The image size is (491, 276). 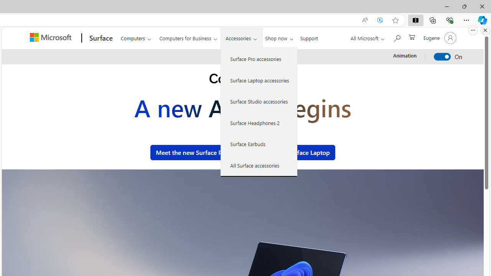 I want to click on 'Surface Studio accessories', so click(x=259, y=101).